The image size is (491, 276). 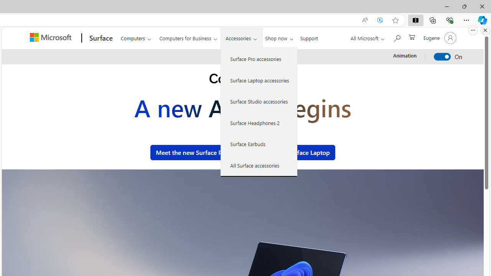 I want to click on 'Surface Studio accessories', so click(x=259, y=101).